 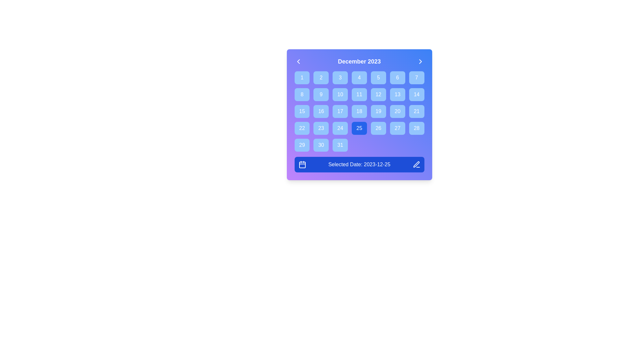 I want to click on the button labeled '31' with a blue background to trigger its hover effect, so click(x=340, y=145).